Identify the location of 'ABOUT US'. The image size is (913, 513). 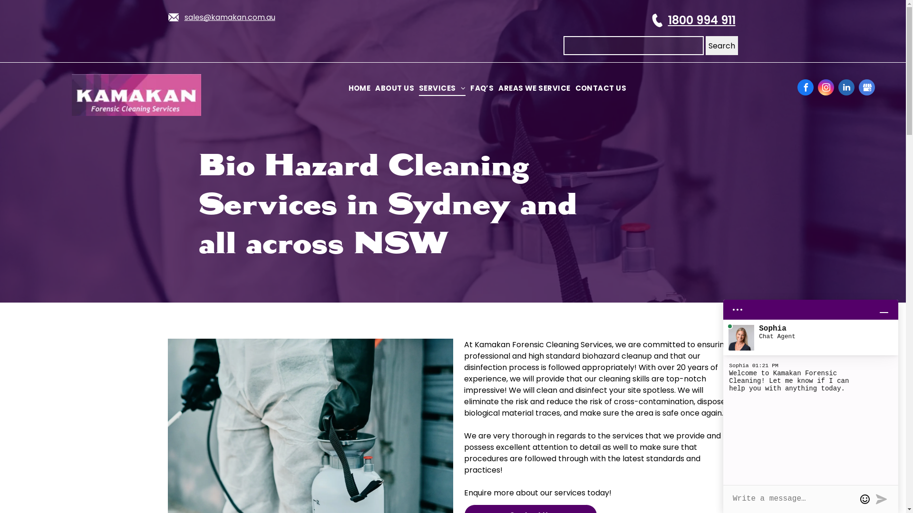
(395, 88).